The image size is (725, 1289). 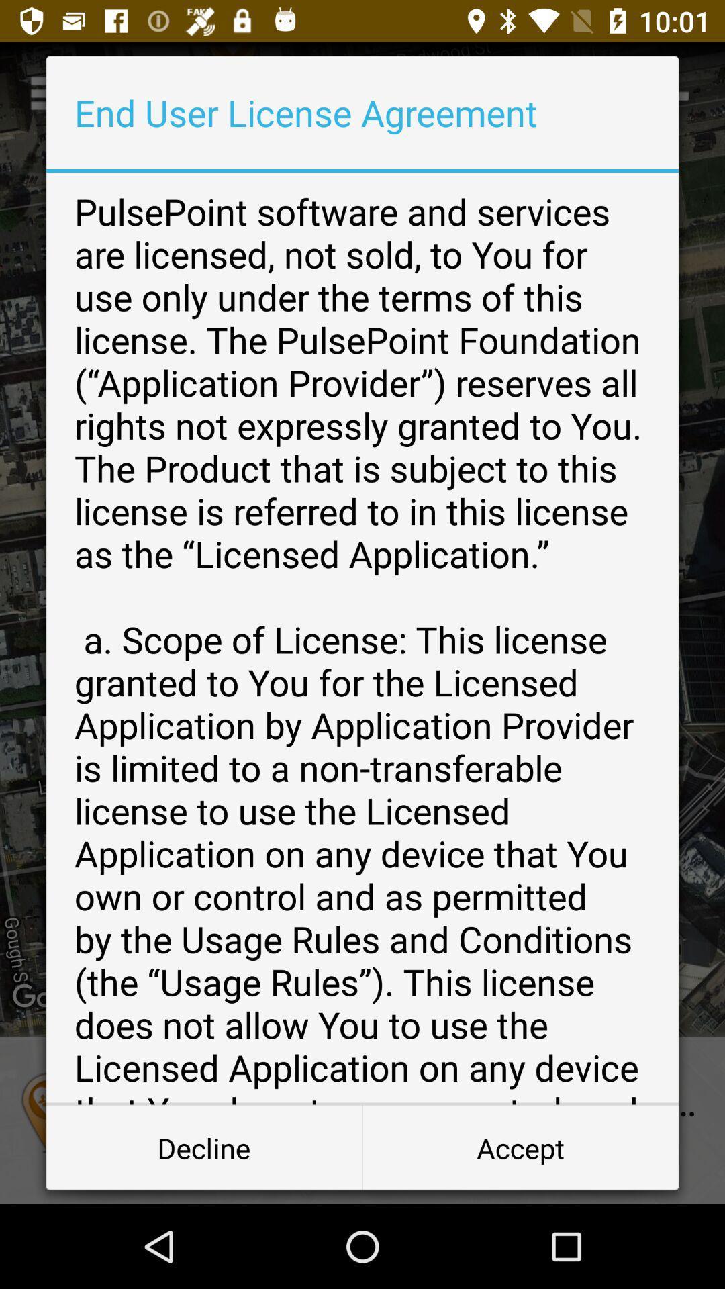 What do you see at coordinates (520, 1147) in the screenshot?
I see `accept` at bounding box center [520, 1147].